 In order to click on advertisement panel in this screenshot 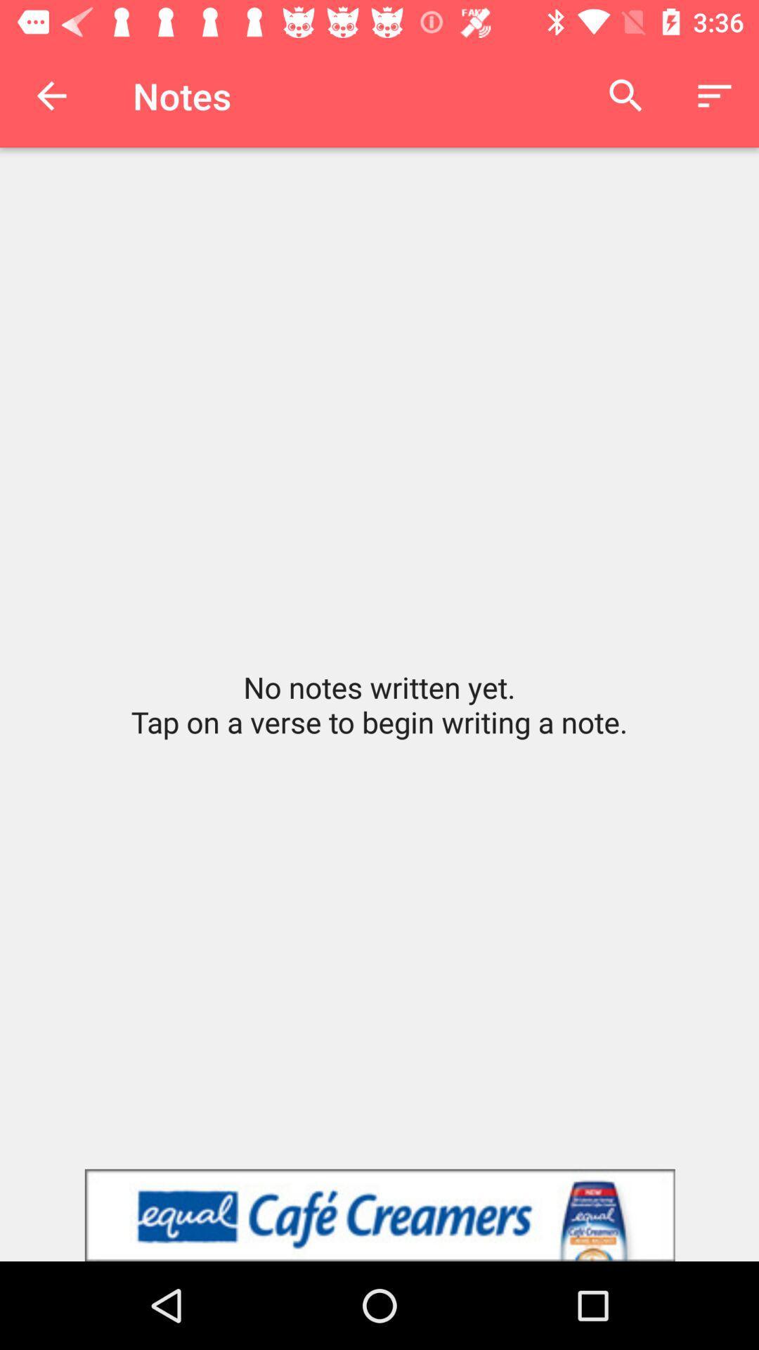, I will do `click(379, 1214)`.